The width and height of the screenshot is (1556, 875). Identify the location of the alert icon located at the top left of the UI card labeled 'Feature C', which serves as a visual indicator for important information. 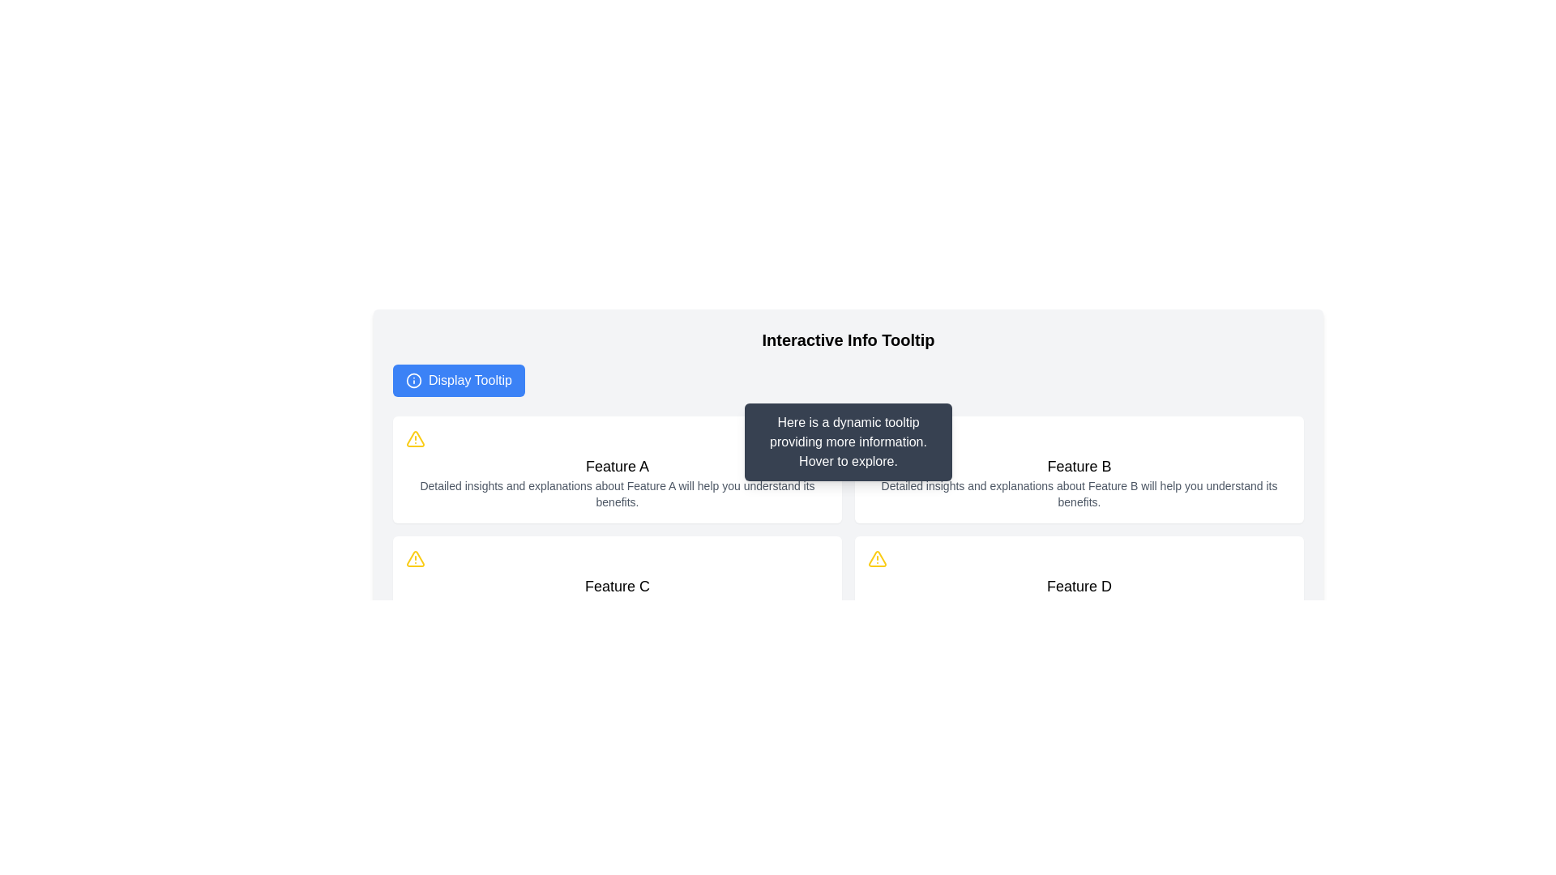
(416, 558).